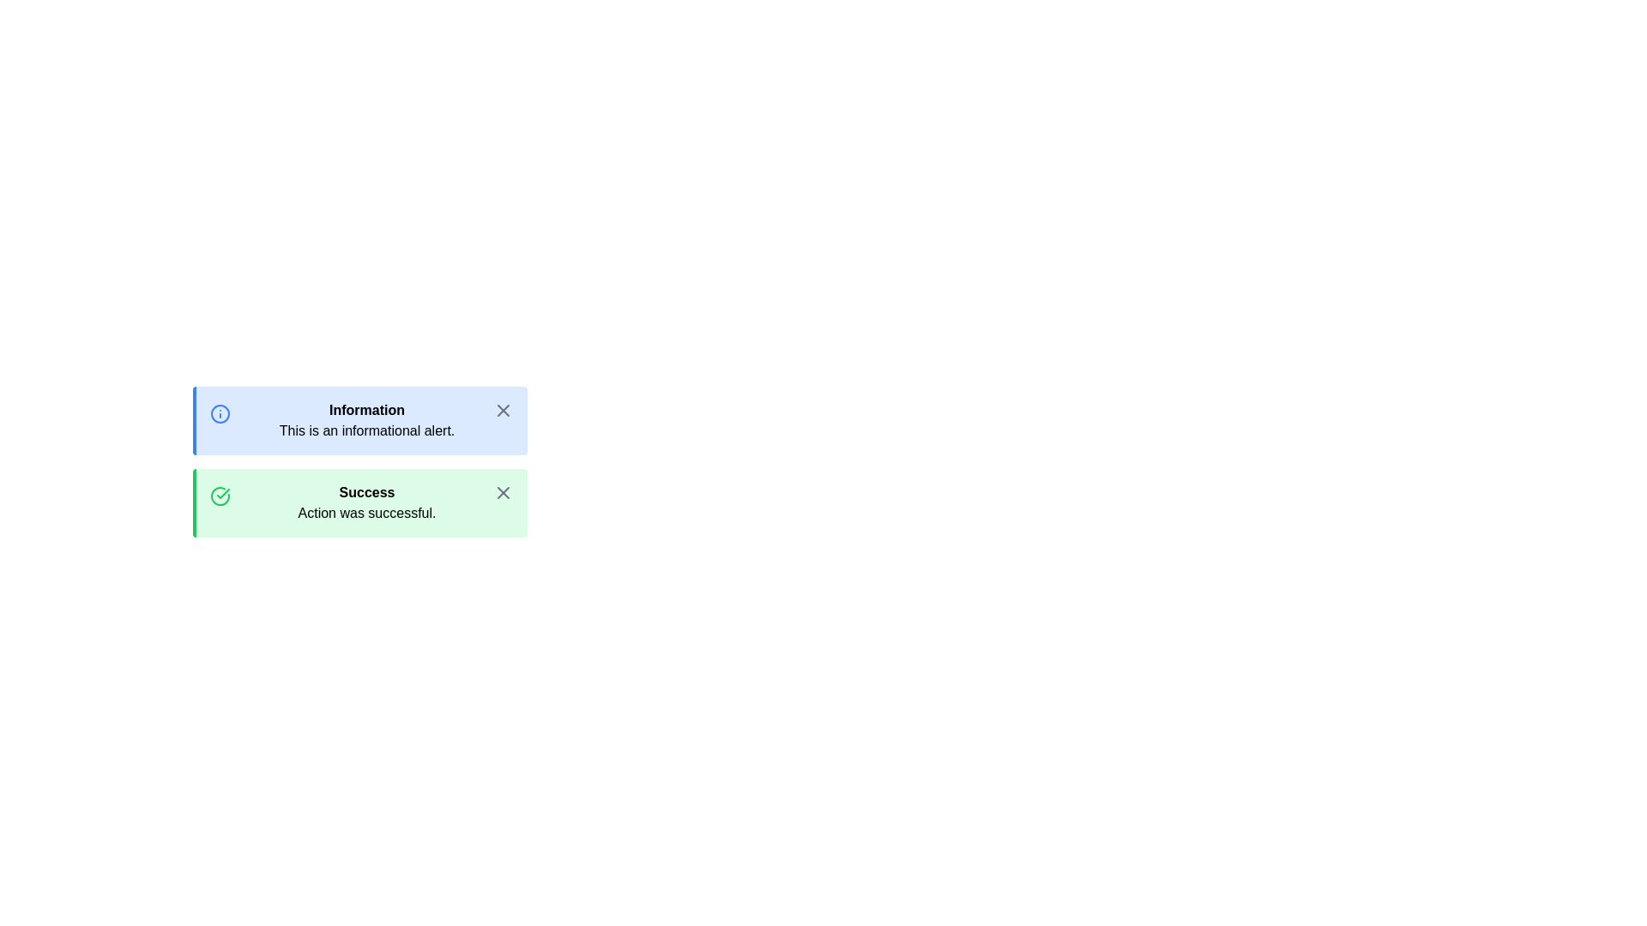  What do you see at coordinates (220, 413) in the screenshot?
I see `the decorative information notification icon located on the left side of the notification box` at bounding box center [220, 413].